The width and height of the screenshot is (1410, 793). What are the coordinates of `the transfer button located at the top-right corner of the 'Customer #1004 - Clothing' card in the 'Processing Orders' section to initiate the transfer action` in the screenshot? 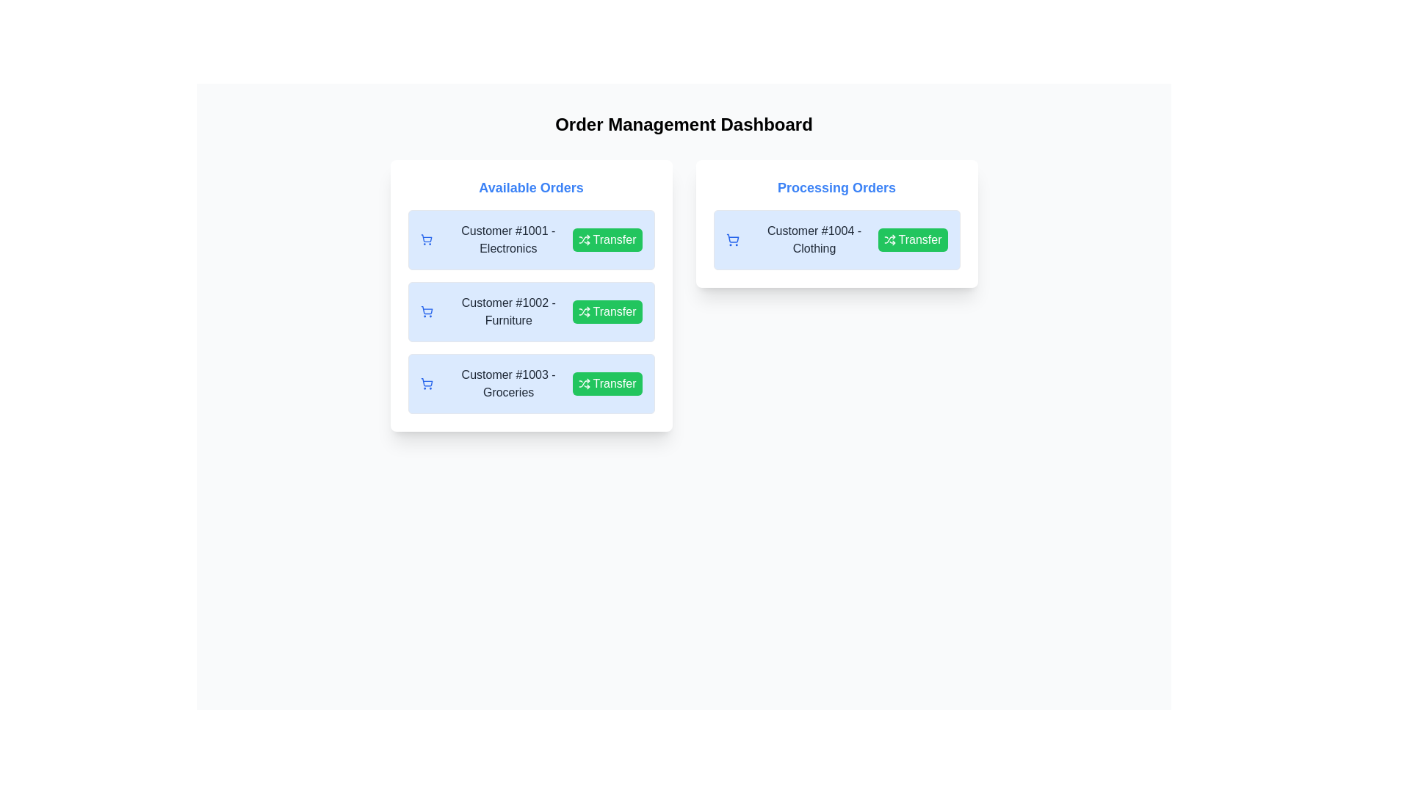 It's located at (912, 239).